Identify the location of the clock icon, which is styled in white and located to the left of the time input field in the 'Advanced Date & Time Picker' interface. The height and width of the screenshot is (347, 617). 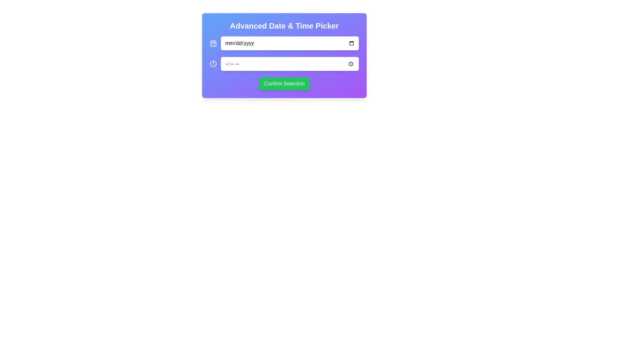
(213, 64).